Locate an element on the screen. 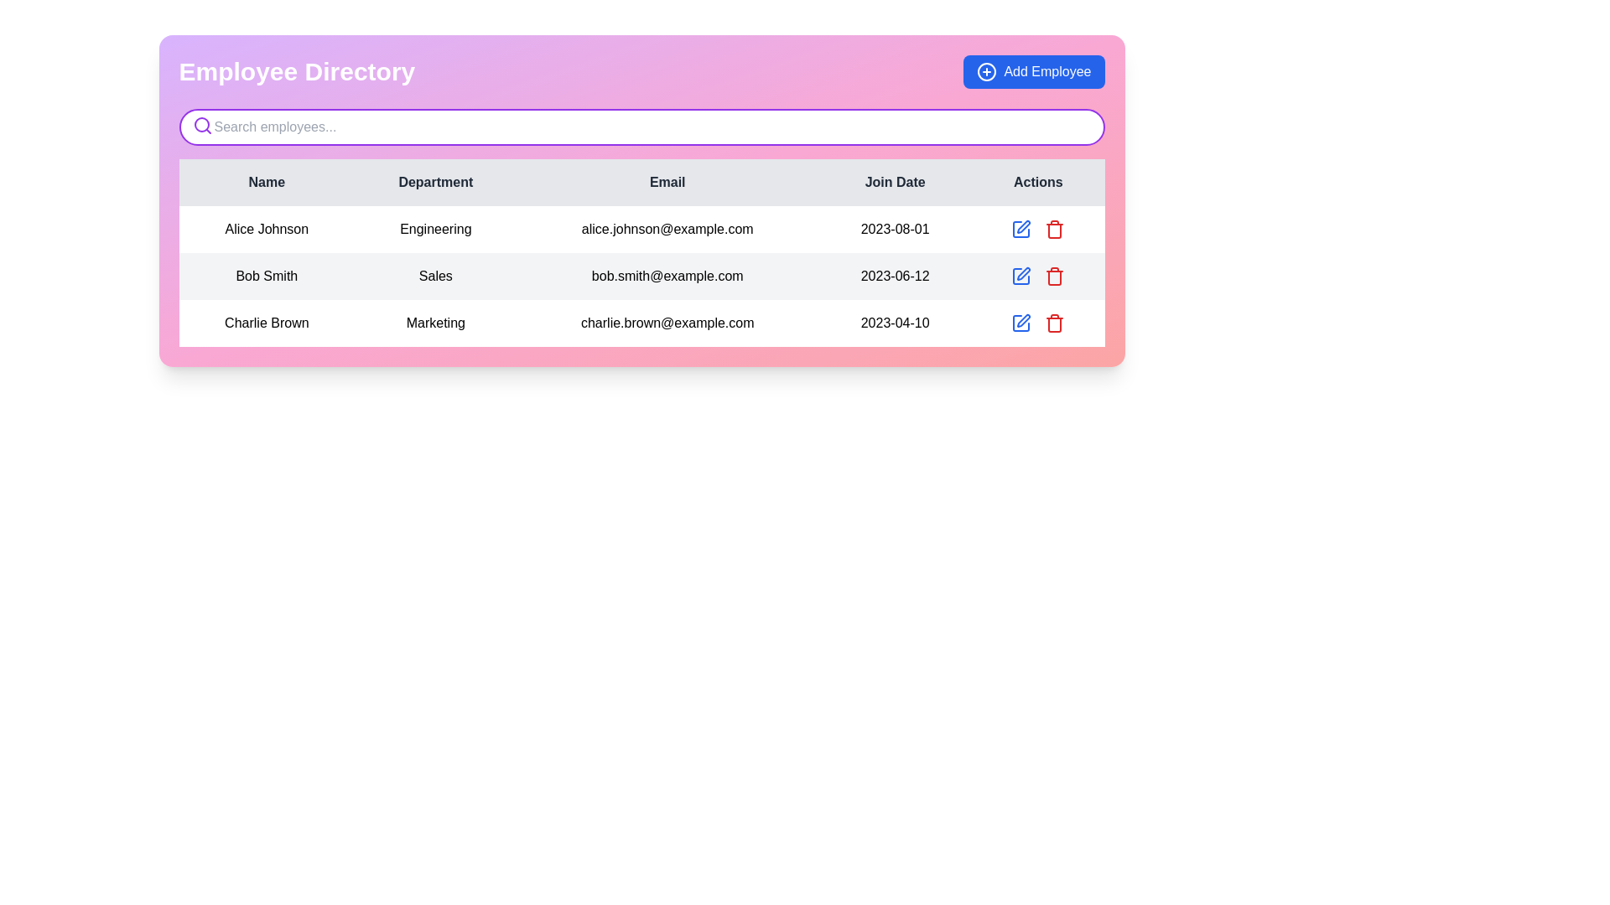  the Delete button icon in the Actions column of the last row in the table for user 'Charlie Brown' to possibly see a tooltip or change style is located at coordinates (1054, 276).